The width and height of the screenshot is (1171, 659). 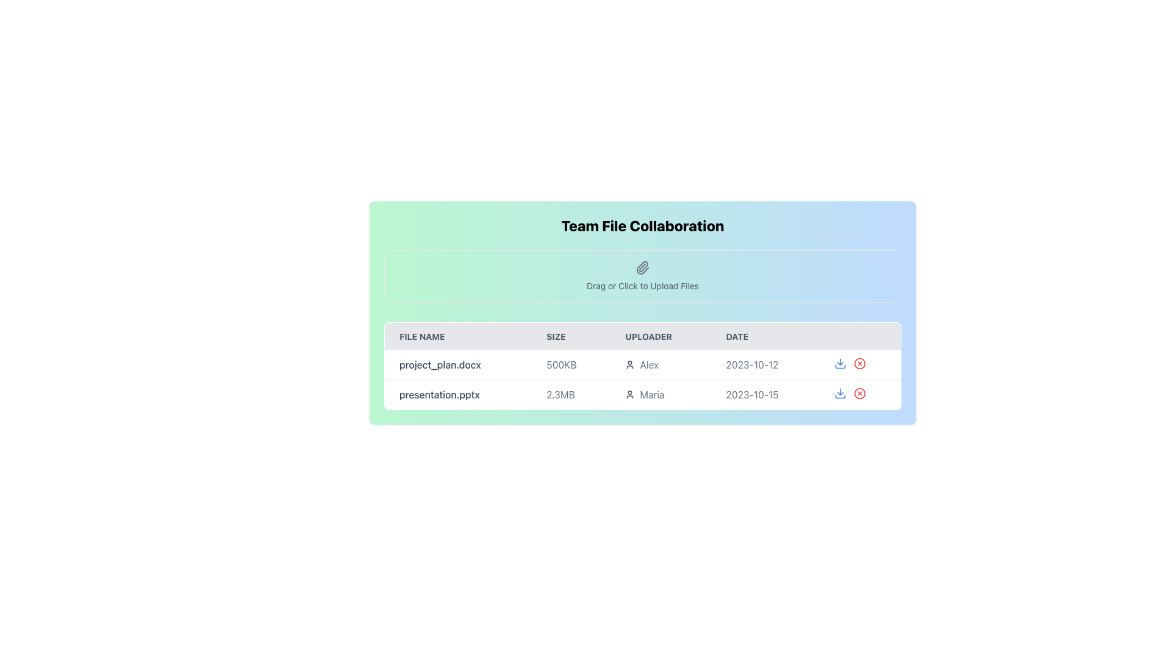 I want to click on the text label displaying 'project_plan.docx' in grey font, located in the first row of the files table under the 'FILE NAME' column, so click(x=457, y=364).